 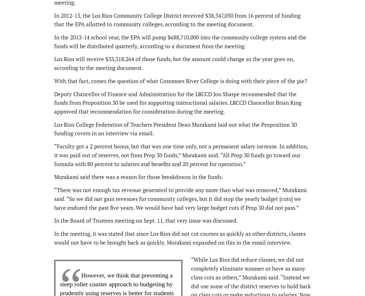 What do you see at coordinates (180, 41) in the screenshot?
I see `'In the 2013-14 school year, the EPA will pump $688,710,000 into the community college system and the funds will be distributed quarterly, according to a document from the meeting.'` at bounding box center [180, 41].